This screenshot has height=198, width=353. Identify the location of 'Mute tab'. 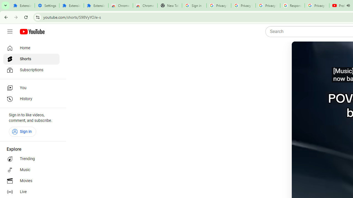
(348, 5).